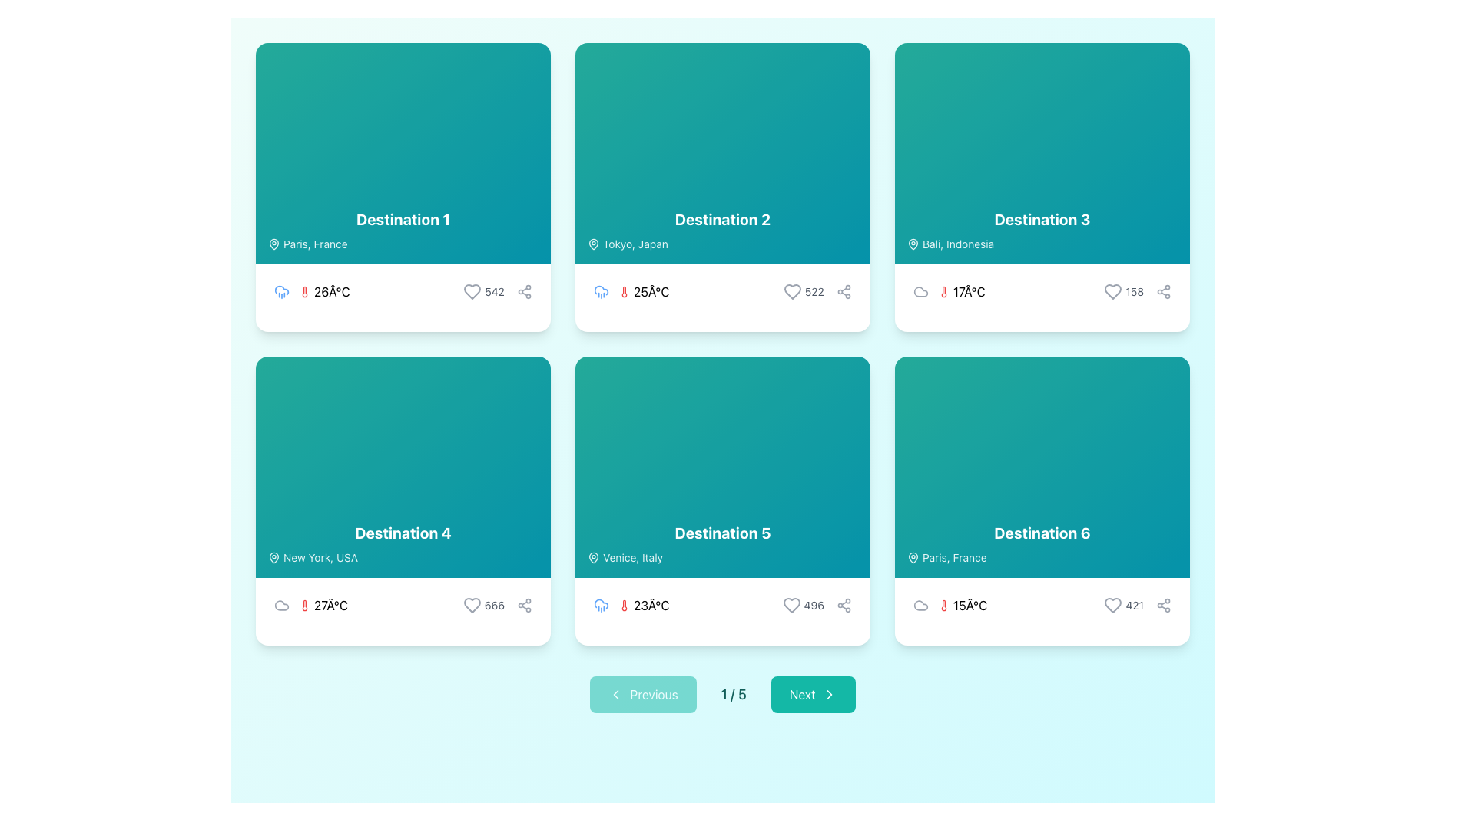 The width and height of the screenshot is (1475, 830). What do you see at coordinates (1135, 604) in the screenshot?
I see `the text label displaying a numerical value in the bottom-right section of the card labeled 'Destination 6'` at bounding box center [1135, 604].